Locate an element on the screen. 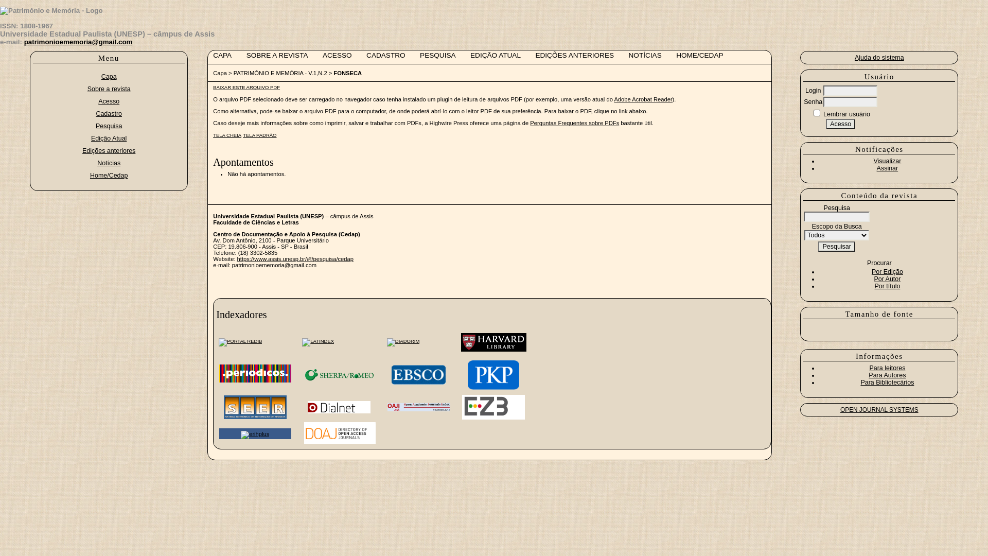 This screenshot has height=556, width=988. 'OPEN JOURNAL SYSTEMS' is located at coordinates (878, 409).